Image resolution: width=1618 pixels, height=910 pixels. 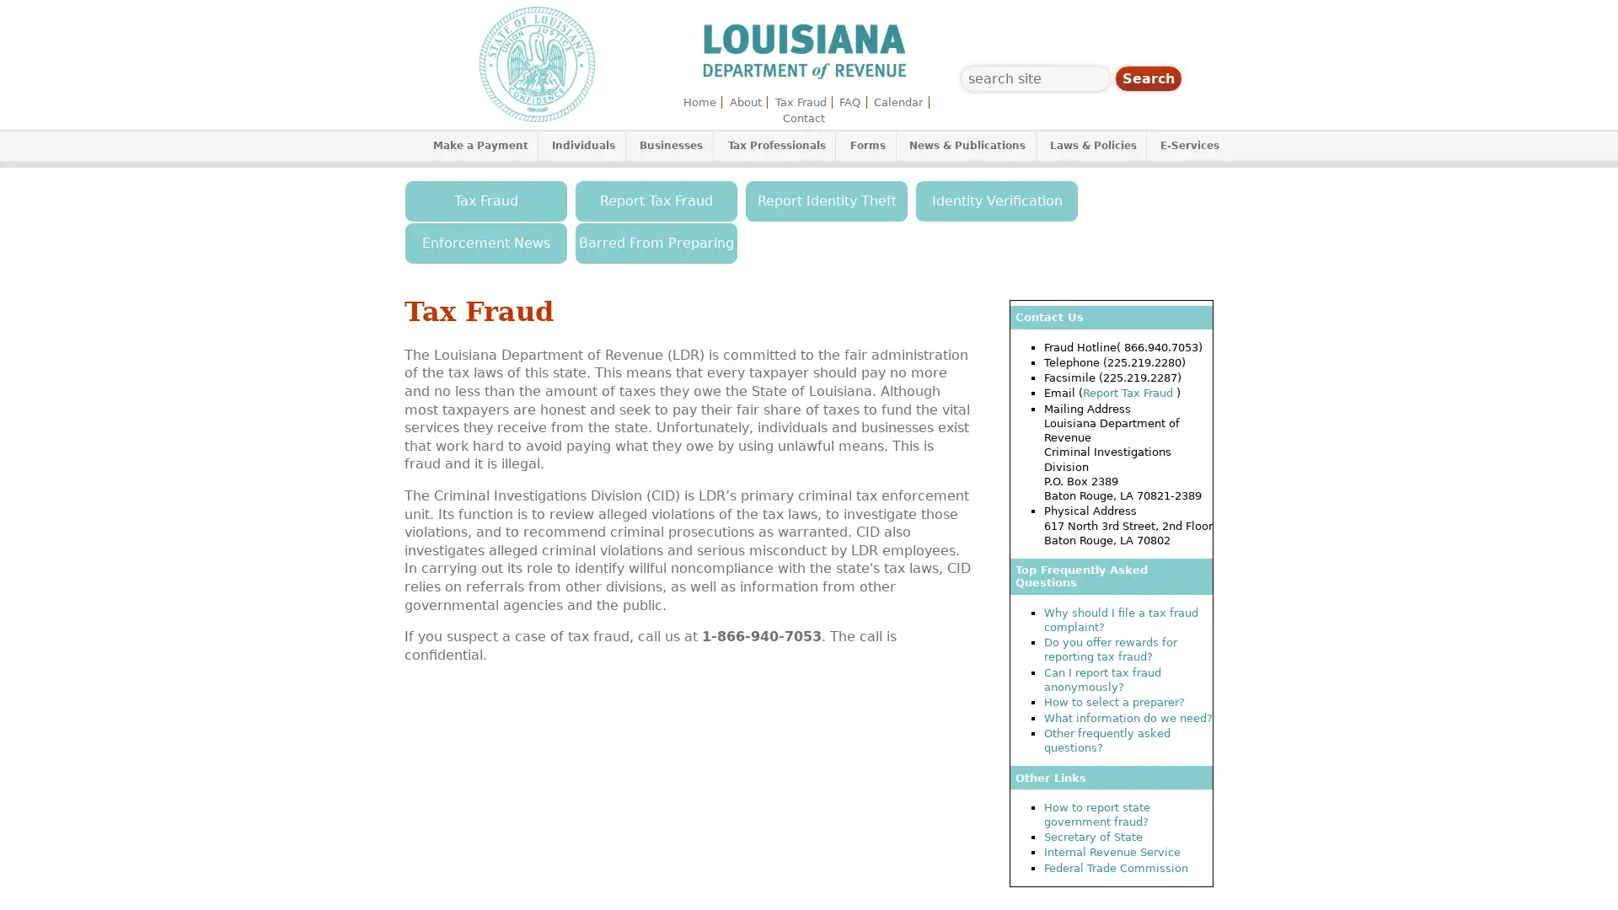 I want to click on Search, so click(x=1148, y=78).